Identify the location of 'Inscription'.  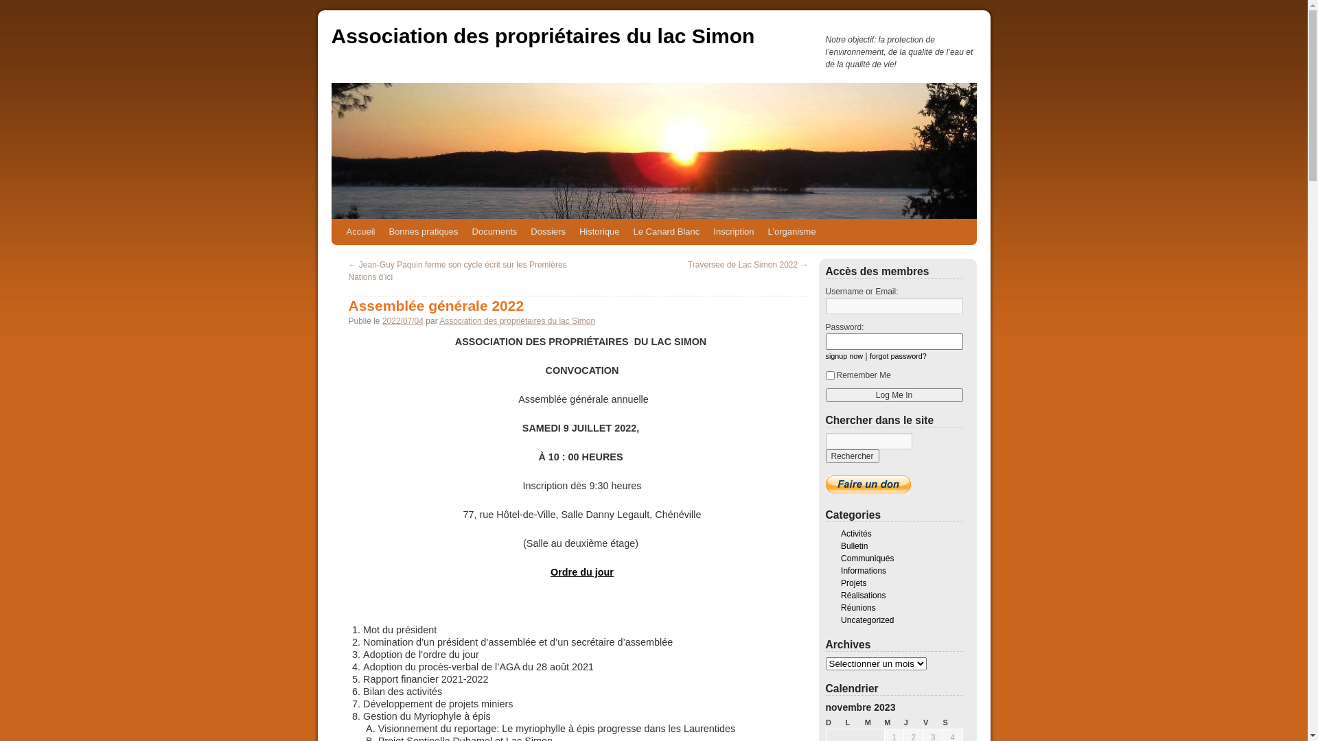
(732, 231).